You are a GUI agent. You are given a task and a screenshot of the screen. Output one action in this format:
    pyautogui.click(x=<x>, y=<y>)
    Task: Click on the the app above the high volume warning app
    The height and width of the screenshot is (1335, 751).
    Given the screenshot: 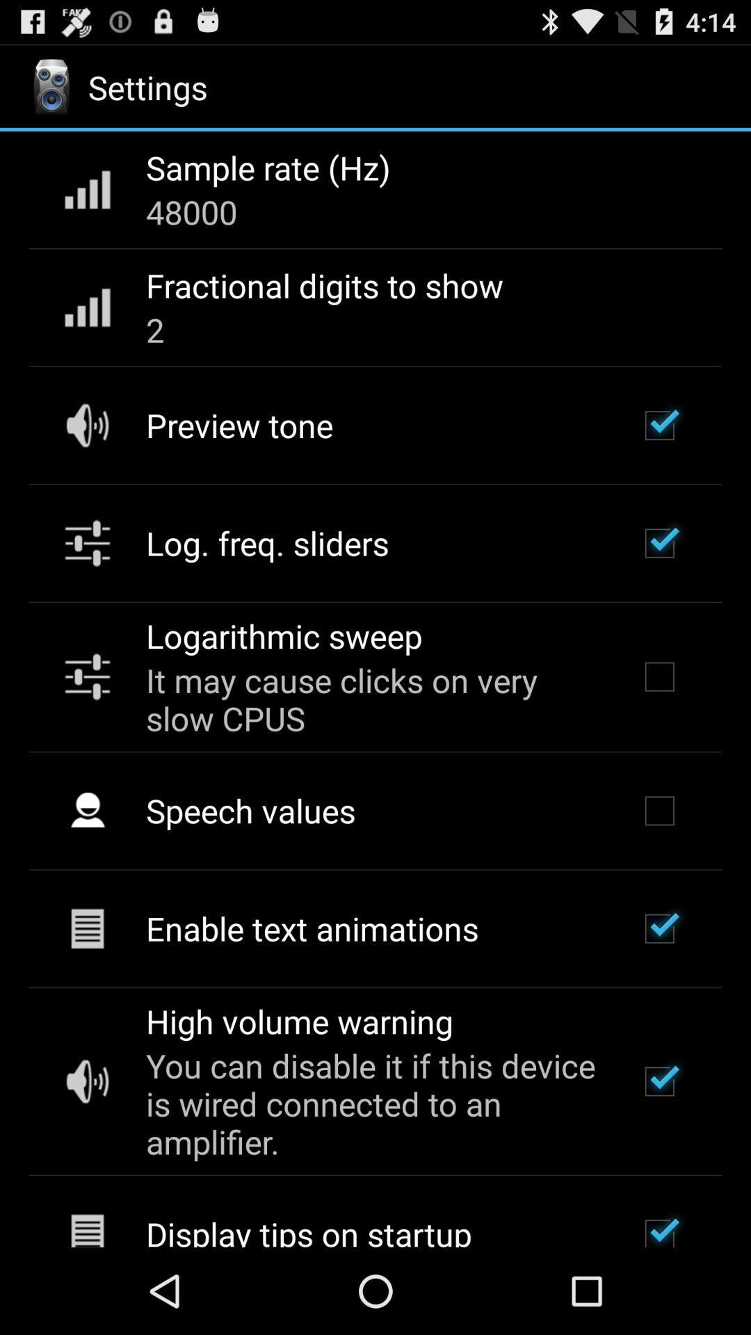 What is the action you would take?
    pyautogui.click(x=312, y=928)
    